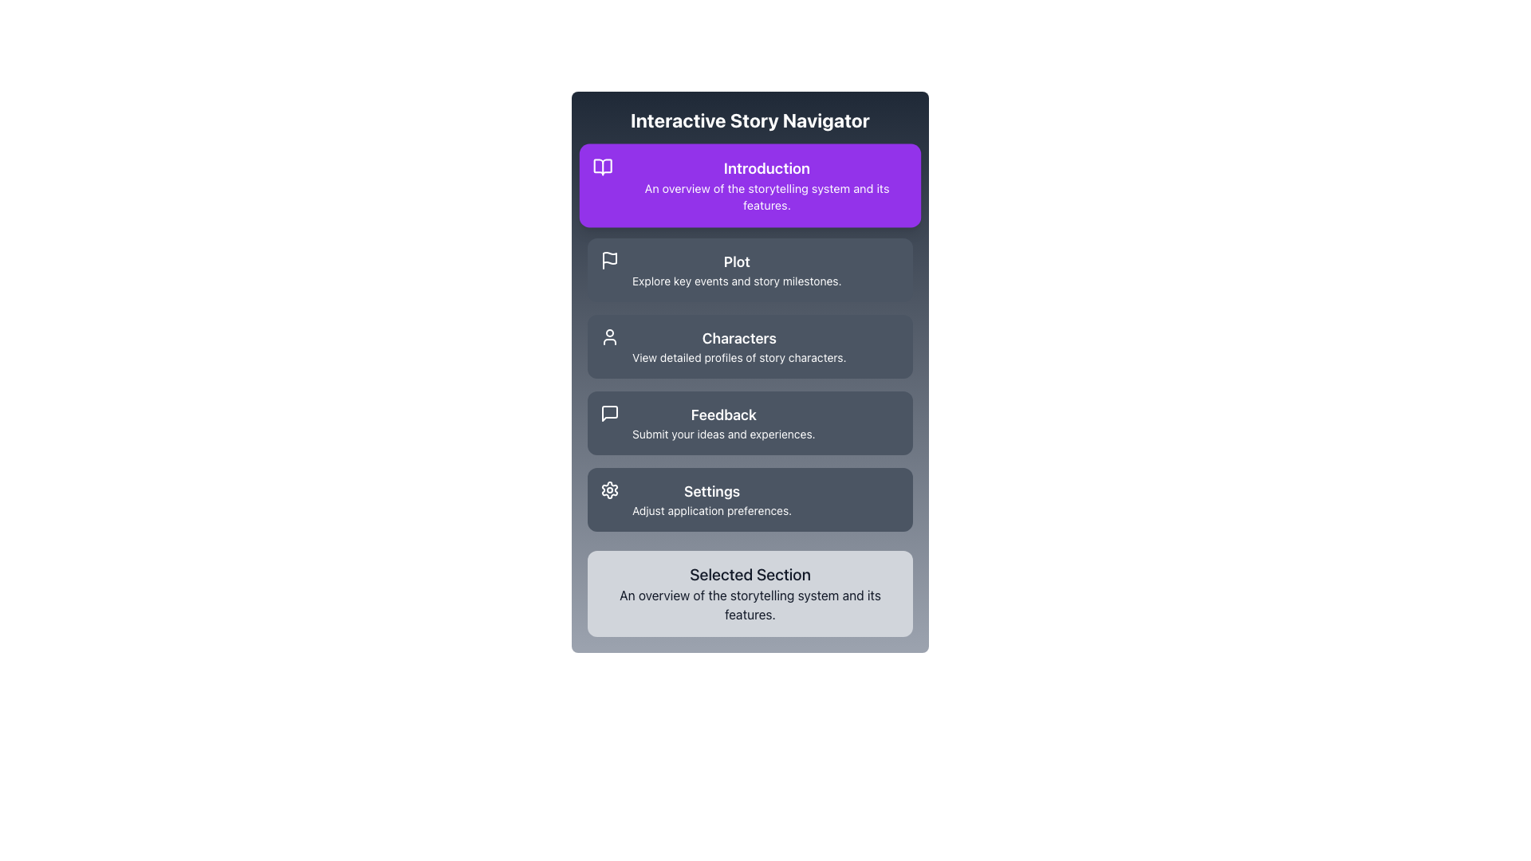 The width and height of the screenshot is (1531, 861). What do you see at coordinates (738, 346) in the screenshot?
I see `the 'Characters' text block in the menu` at bounding box center [738, 346].